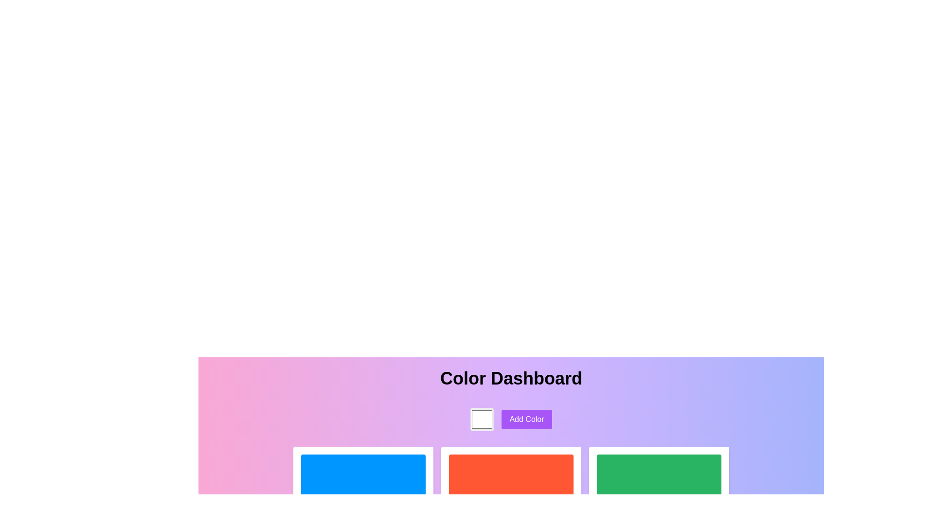 This screenshot has height=525, width=934. I want to click on the button that adds a new color to the interface, so click(526, 419).